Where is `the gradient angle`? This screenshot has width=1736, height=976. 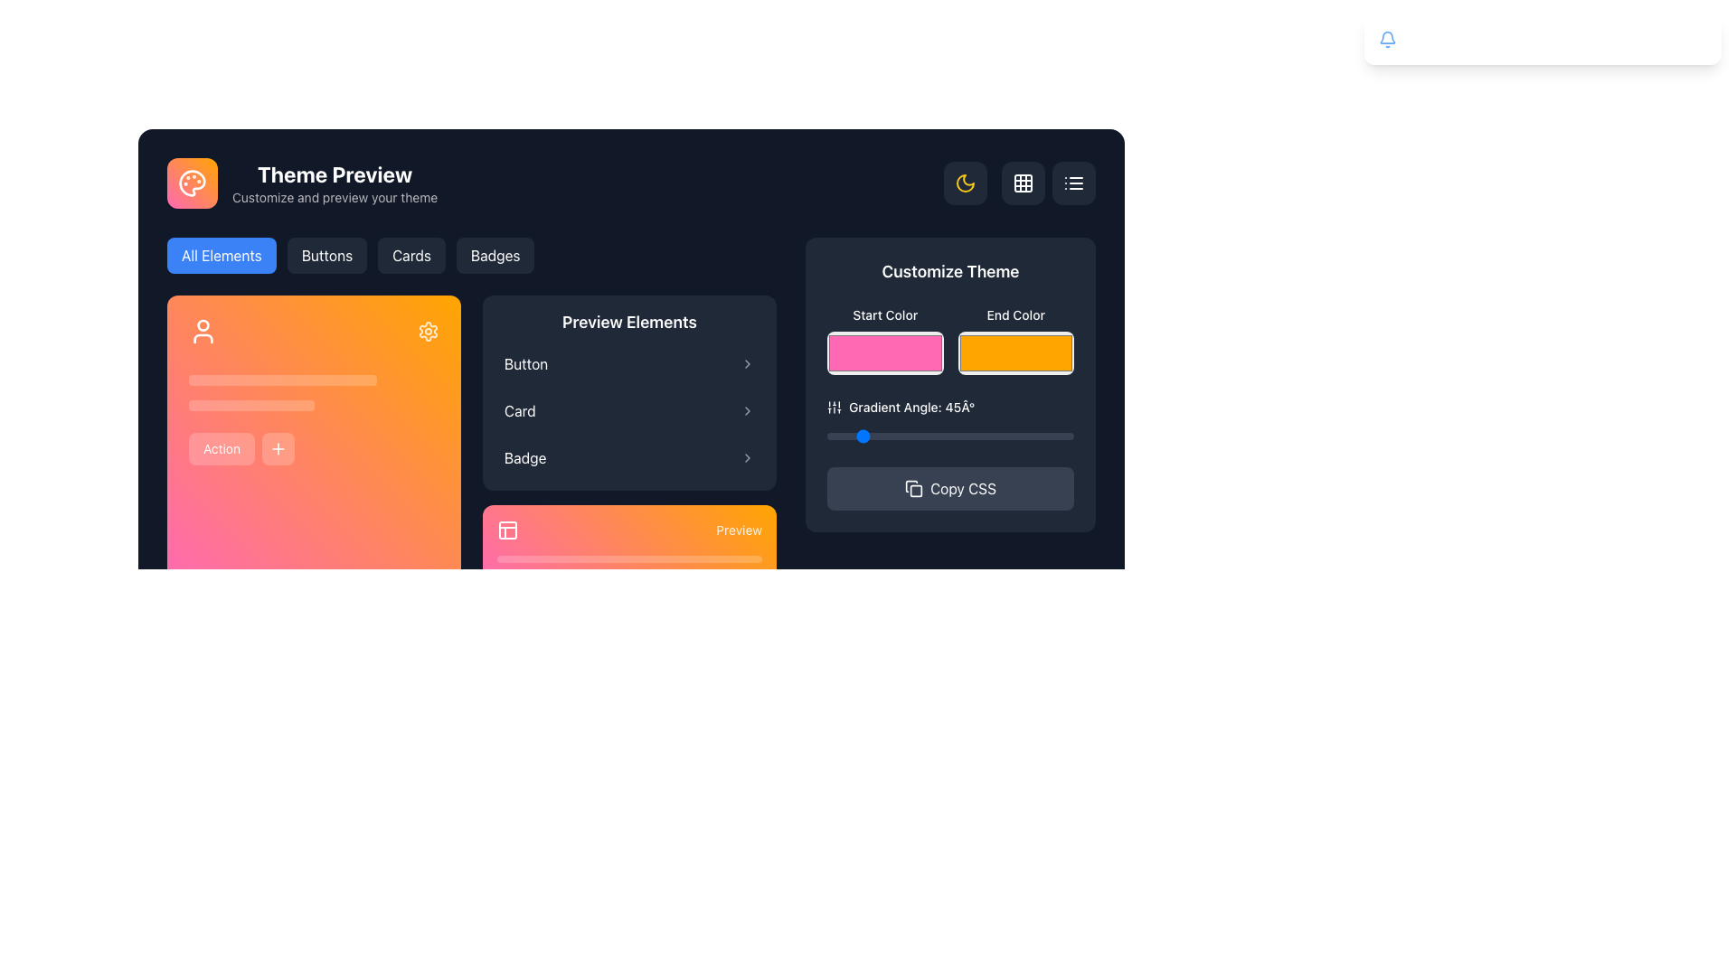 the gradient angle is located at coordinates (966, 436).